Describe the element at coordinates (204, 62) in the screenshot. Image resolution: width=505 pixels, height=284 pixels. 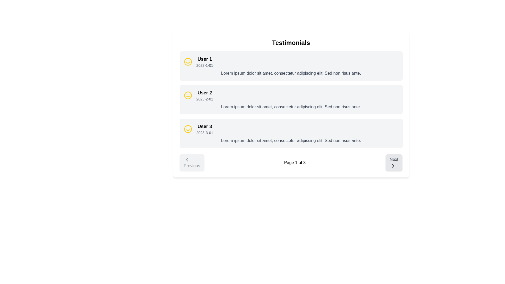
I see `information presented in the text label located beneath the yellow smiley face icon in the first testimonial card` at that location.